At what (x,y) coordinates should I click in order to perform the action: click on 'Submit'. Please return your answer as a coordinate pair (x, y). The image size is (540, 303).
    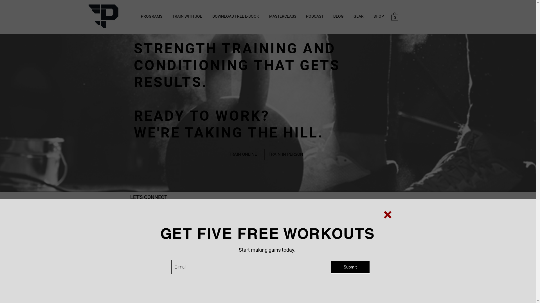
    Looking at the image, I should click on (350, 267).